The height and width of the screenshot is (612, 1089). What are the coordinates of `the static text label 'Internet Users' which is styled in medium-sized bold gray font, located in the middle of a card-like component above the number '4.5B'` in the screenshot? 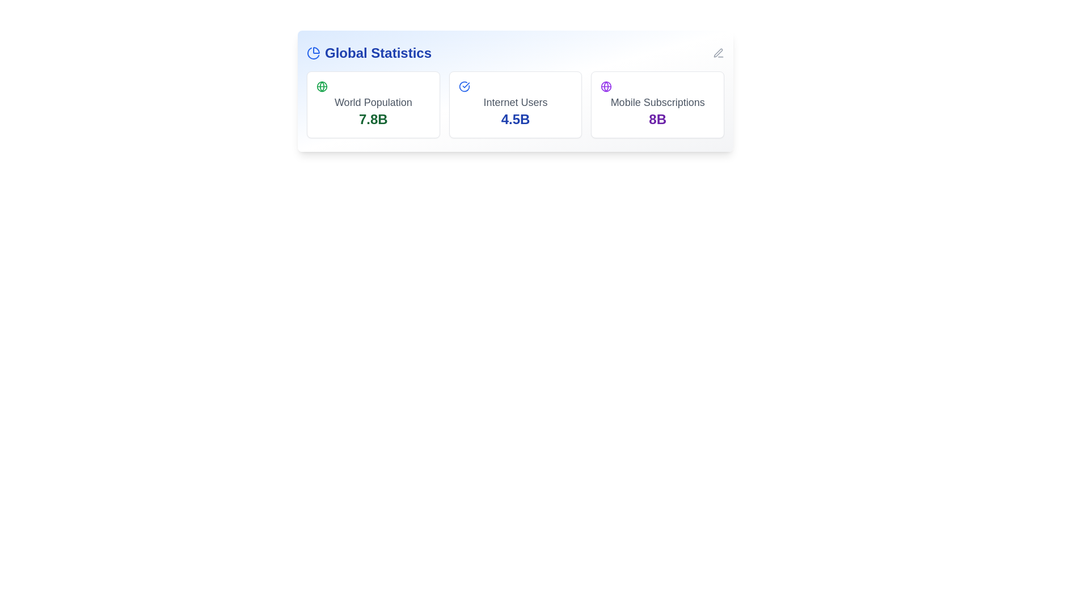 It's located at (514, 103).